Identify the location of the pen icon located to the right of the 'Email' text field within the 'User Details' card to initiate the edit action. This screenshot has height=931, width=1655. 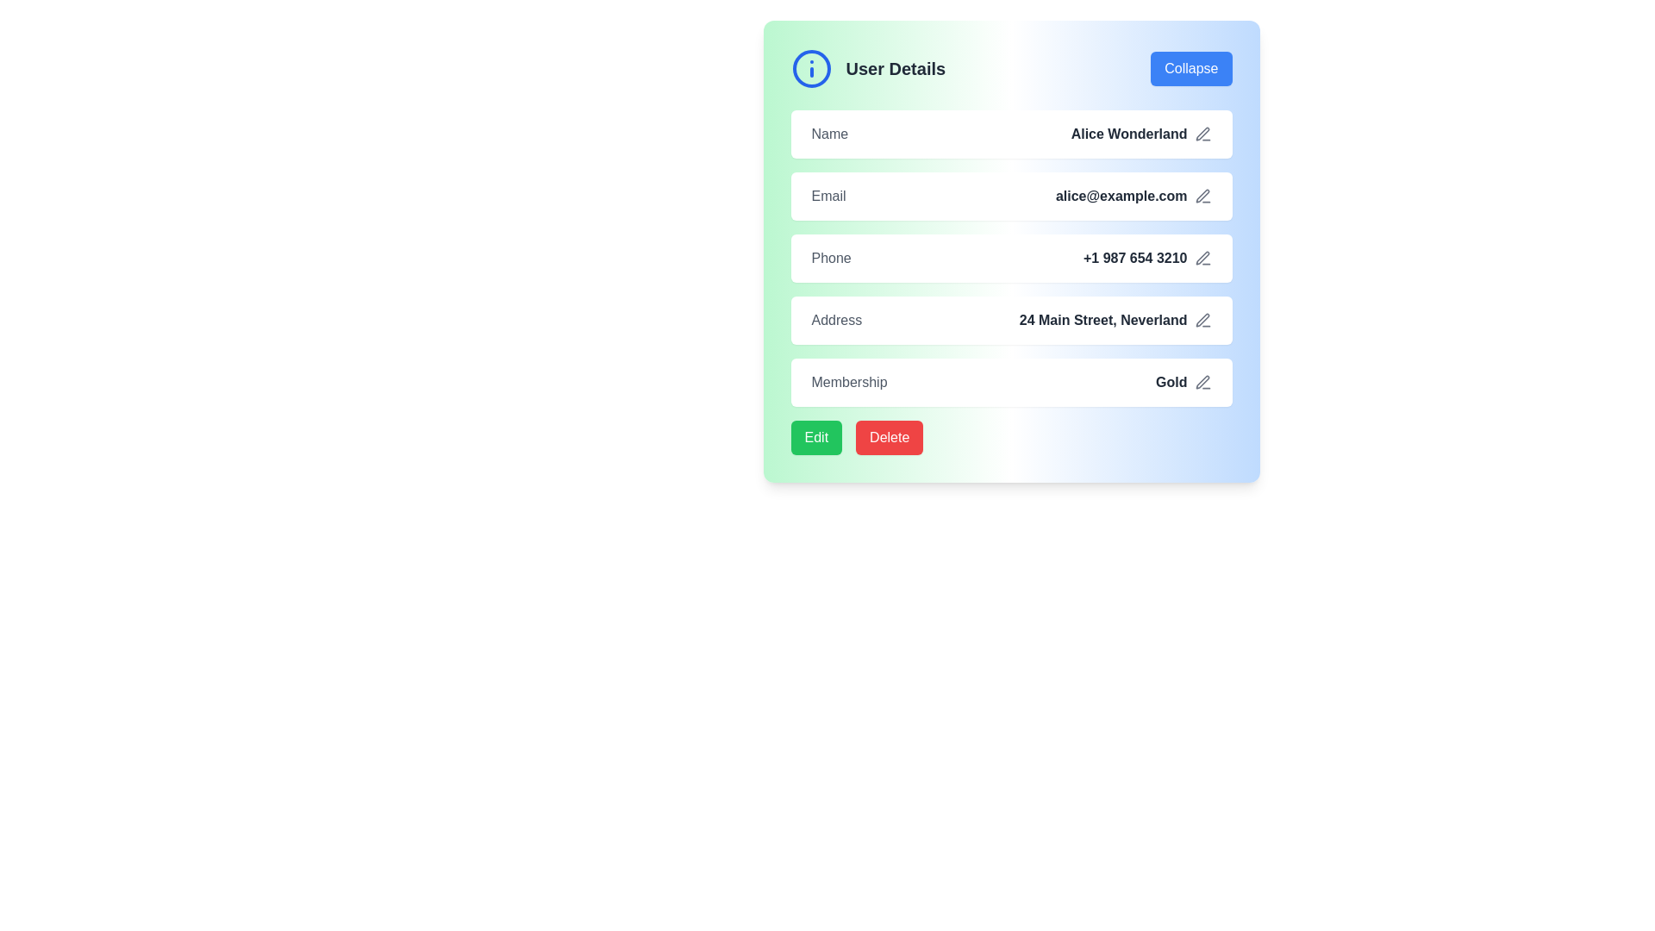
(1202, 195).